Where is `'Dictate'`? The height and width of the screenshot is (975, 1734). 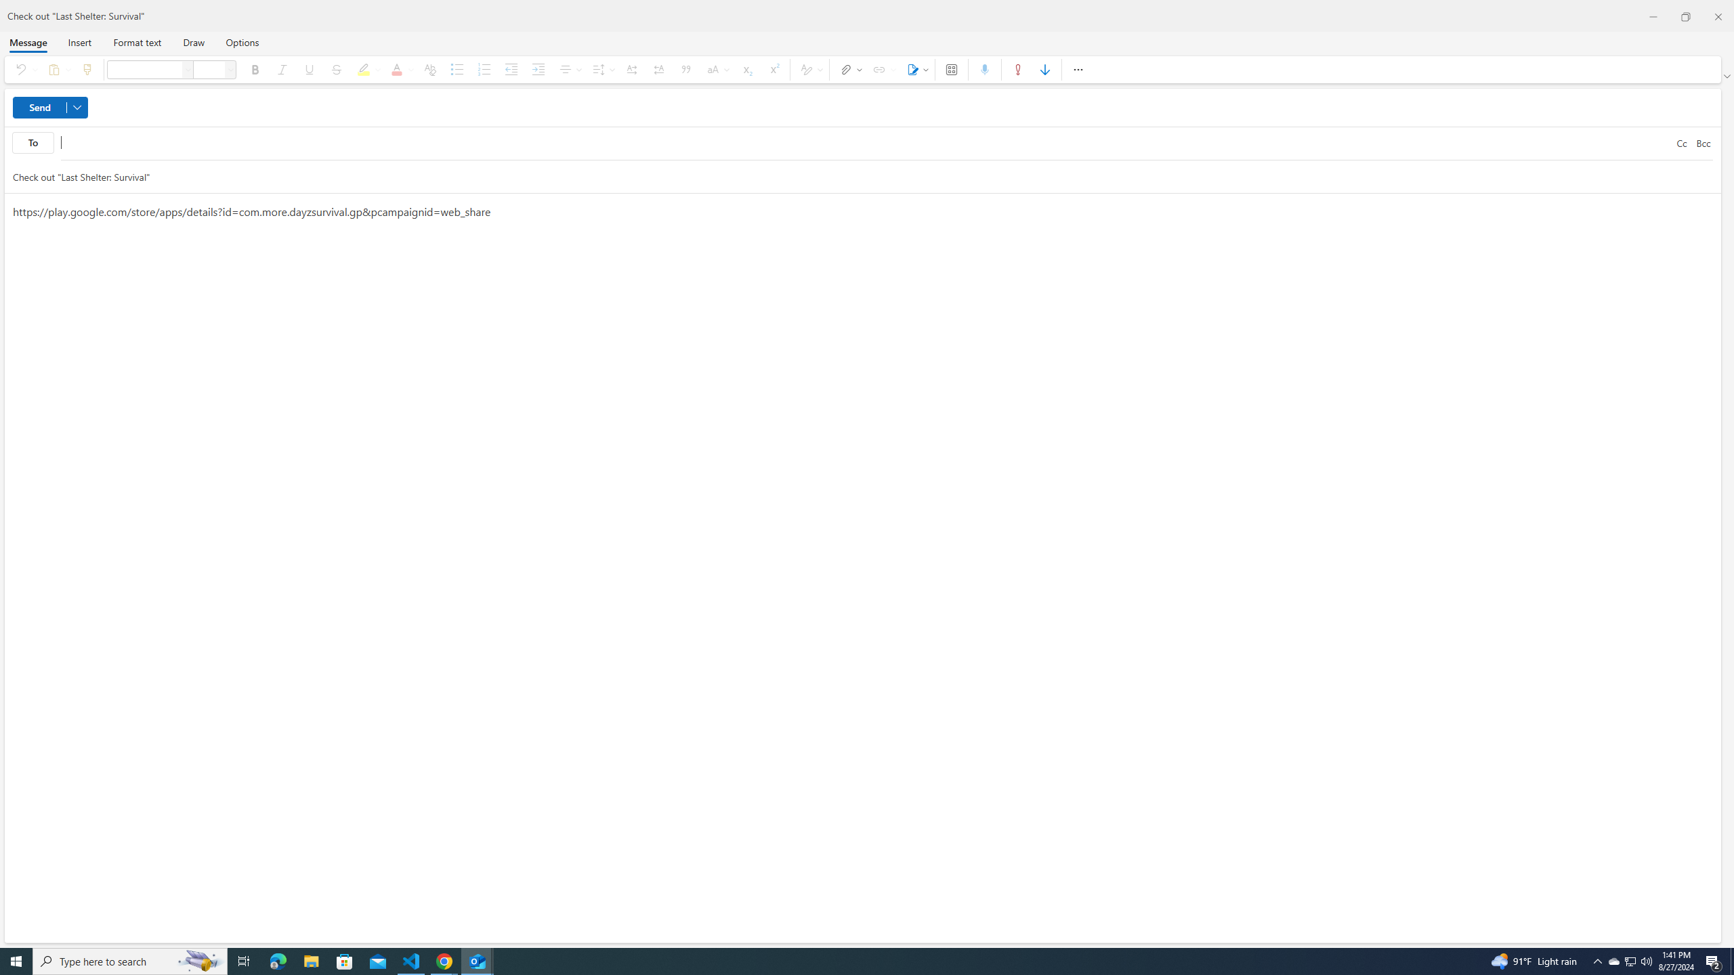 'Dictate' is located at coordinates (985, 69).